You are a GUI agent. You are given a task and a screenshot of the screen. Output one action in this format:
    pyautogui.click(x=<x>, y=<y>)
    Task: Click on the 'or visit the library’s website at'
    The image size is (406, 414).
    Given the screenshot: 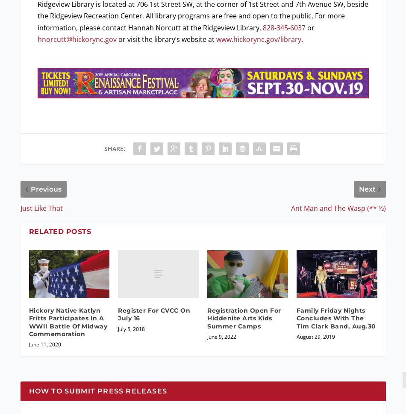 What is the action you would take?
    pyautogui.click(x=115, y=38)
    